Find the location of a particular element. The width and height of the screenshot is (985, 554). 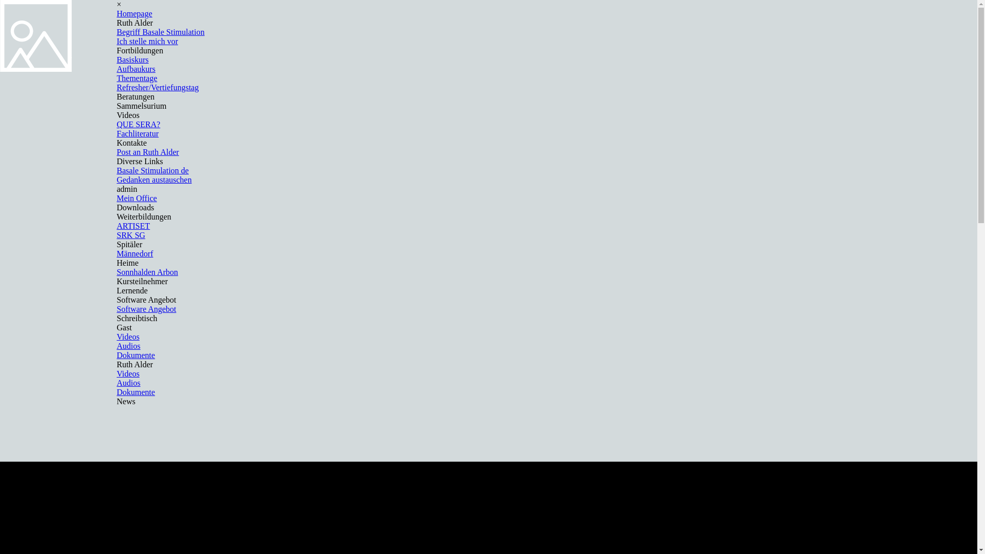

'QUE SERA?' is located at coordinates (138, 124).